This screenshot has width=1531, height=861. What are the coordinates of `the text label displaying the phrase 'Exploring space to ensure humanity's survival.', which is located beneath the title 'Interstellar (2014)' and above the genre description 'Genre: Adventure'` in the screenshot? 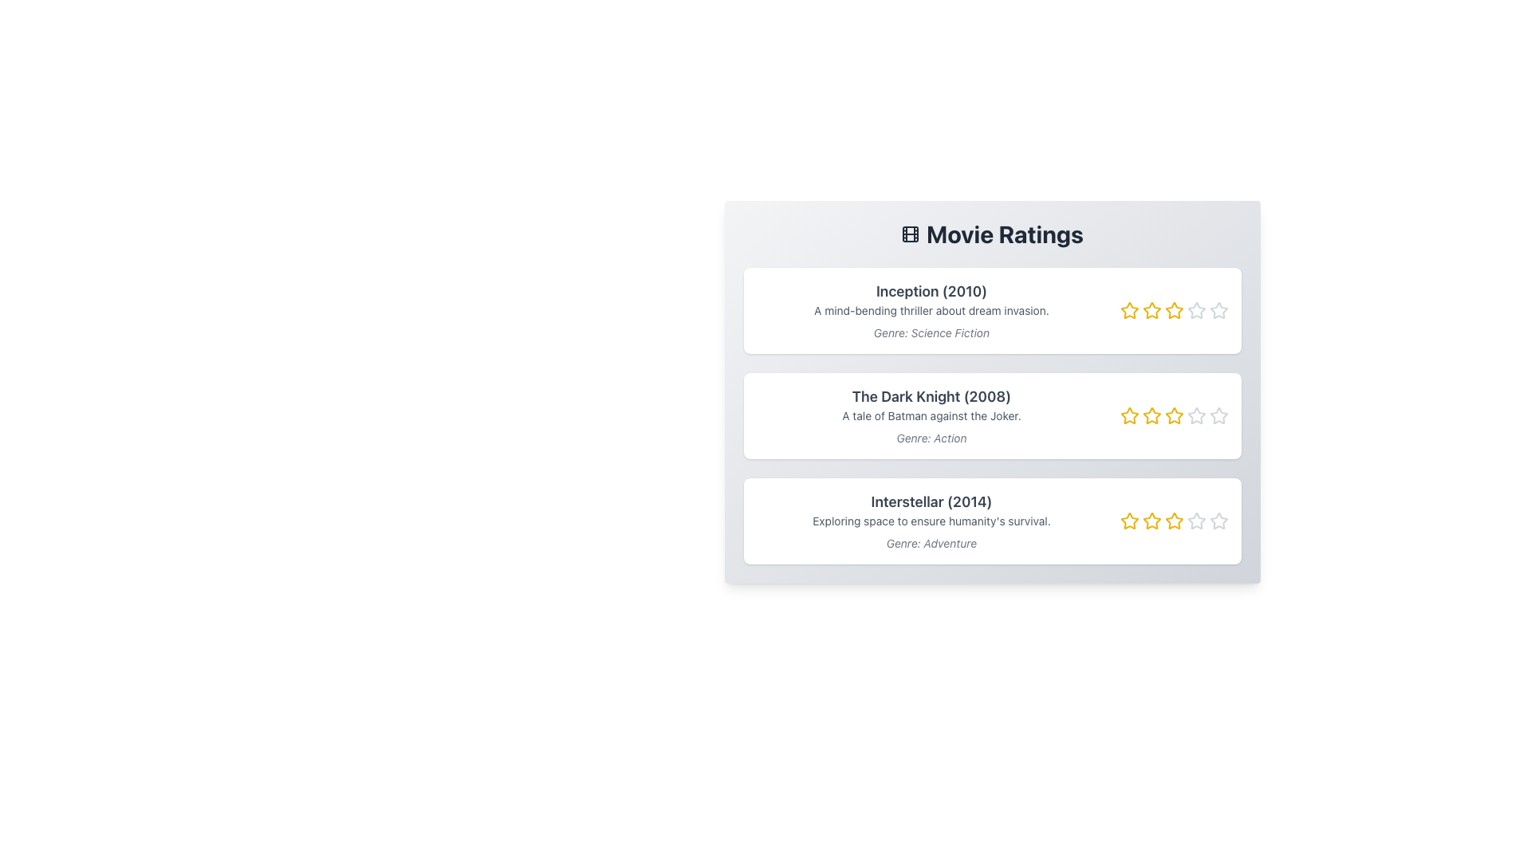 It's located at (931, 521).